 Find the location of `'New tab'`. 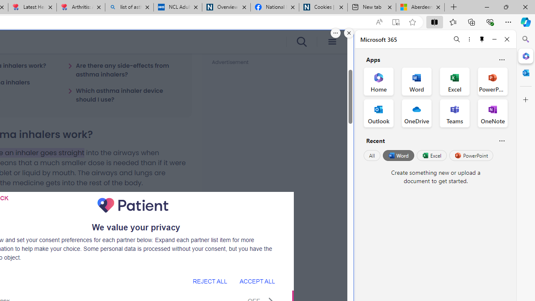

'New tab' is located at coordinates (371, 7).